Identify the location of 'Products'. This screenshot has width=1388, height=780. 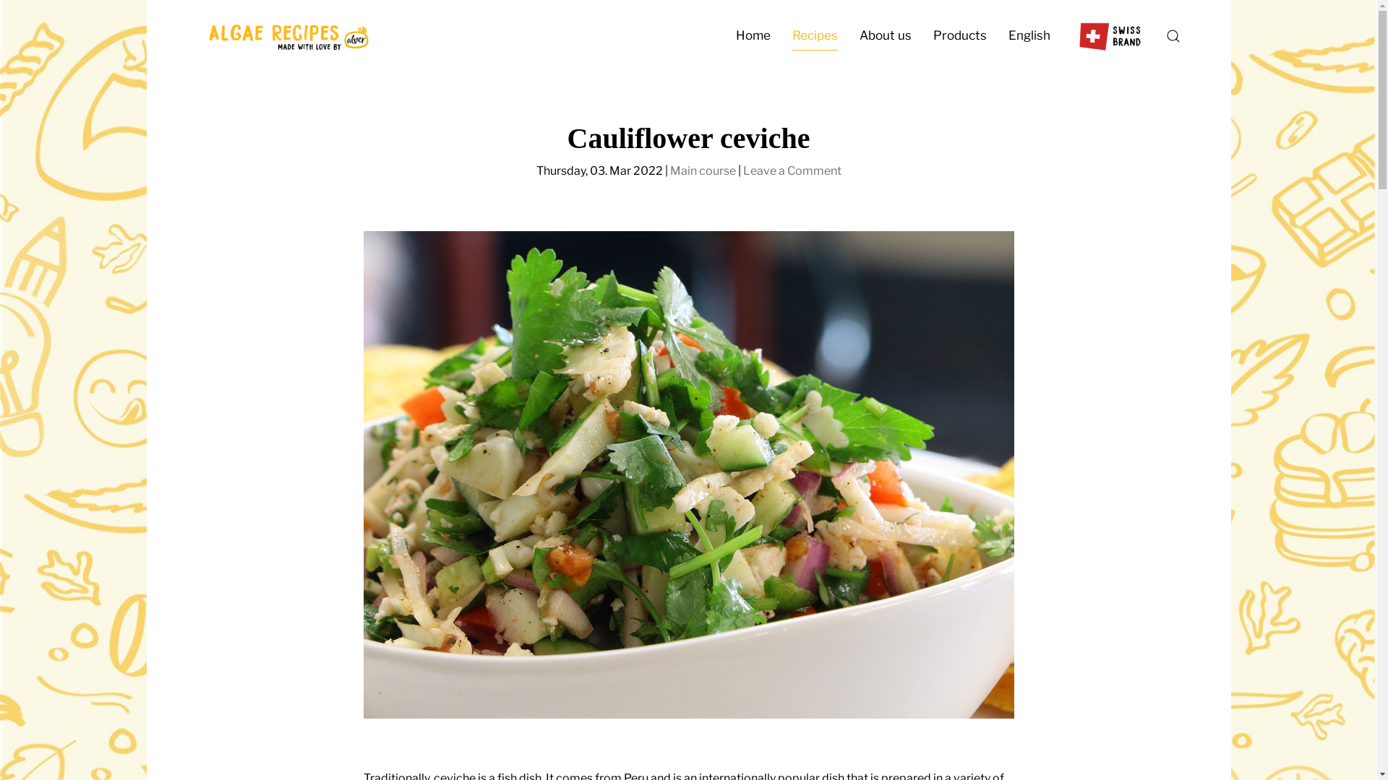
(960, 35).